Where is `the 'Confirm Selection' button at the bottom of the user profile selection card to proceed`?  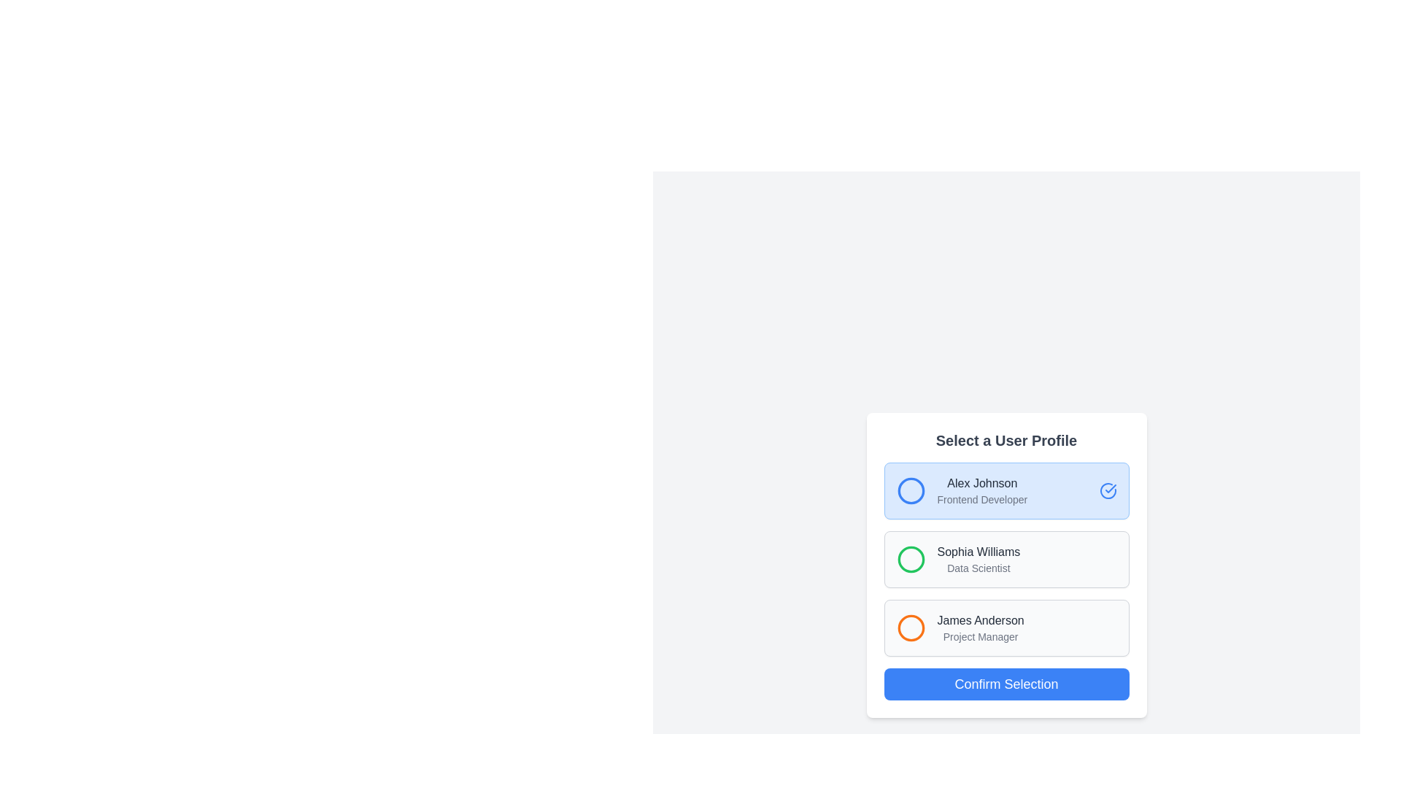
the 'Confirm Selection' button at the bottom of the user profile selection card to proceed is located at coordinates (1006, 565).